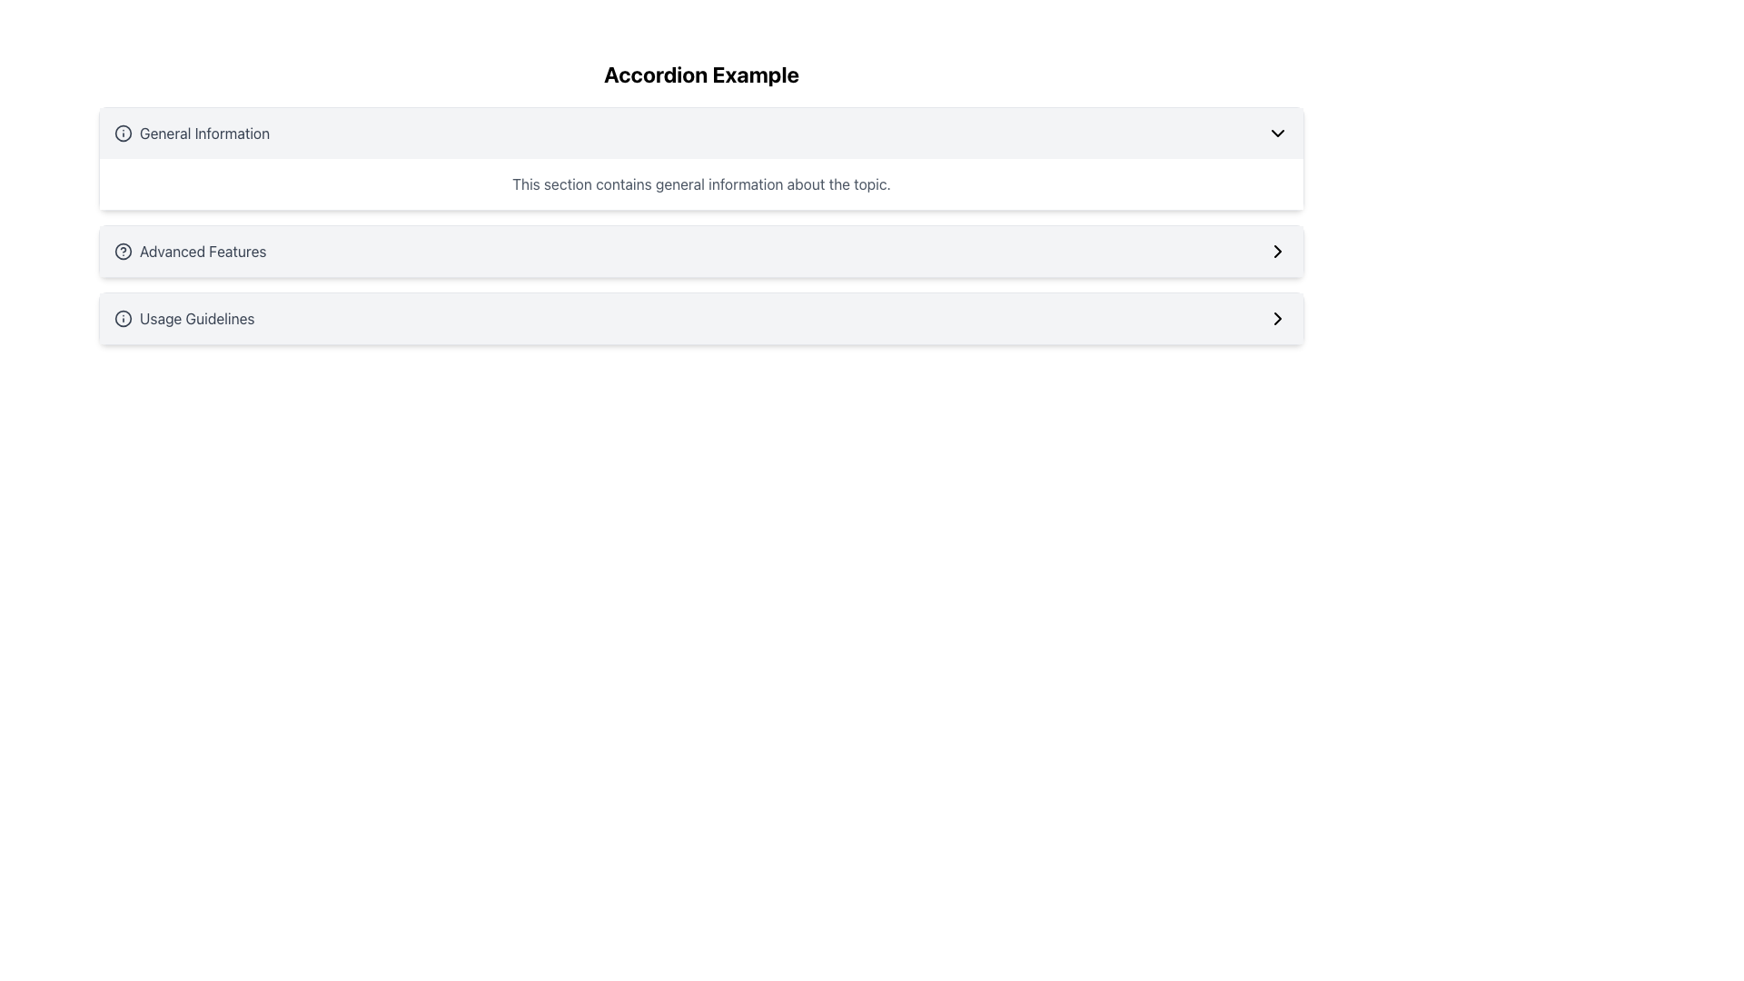  I want to click on the icon located to the left of the 'General Information.' text to trigger the tooltip, so click(122, 132).